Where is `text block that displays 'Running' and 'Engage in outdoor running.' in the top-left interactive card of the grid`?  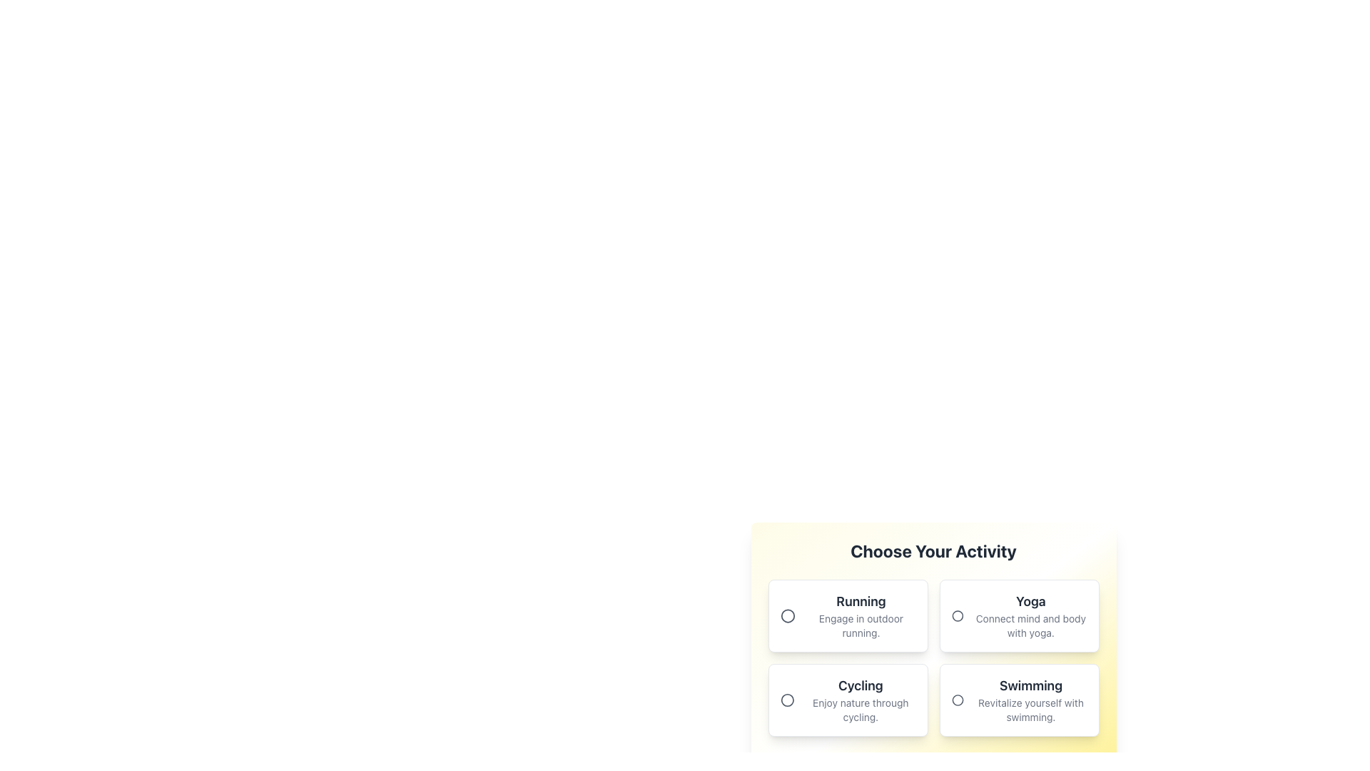 text block that displays 'Running' and 'Engage in outdoor running.' in the top-left interactive card of the grid is located at coordinates (860, 615).